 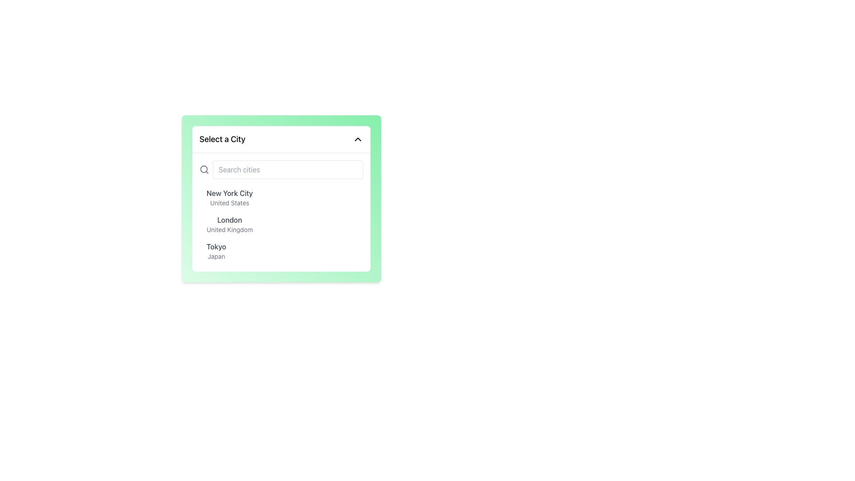 What do you see at coordinates (229, 229) in the screenshot?
I see `the Text Label providing context for 'London', which indicates the country associated with the city` at bounding box center [229, 229].